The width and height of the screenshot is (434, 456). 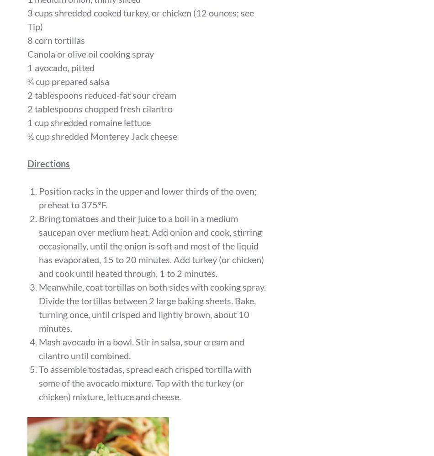 What do you see at coordinates (100, 108) in the screenshot?
I see `'2 tablespoons chopped fresh cilantro'` at bounding box center [100, 108].